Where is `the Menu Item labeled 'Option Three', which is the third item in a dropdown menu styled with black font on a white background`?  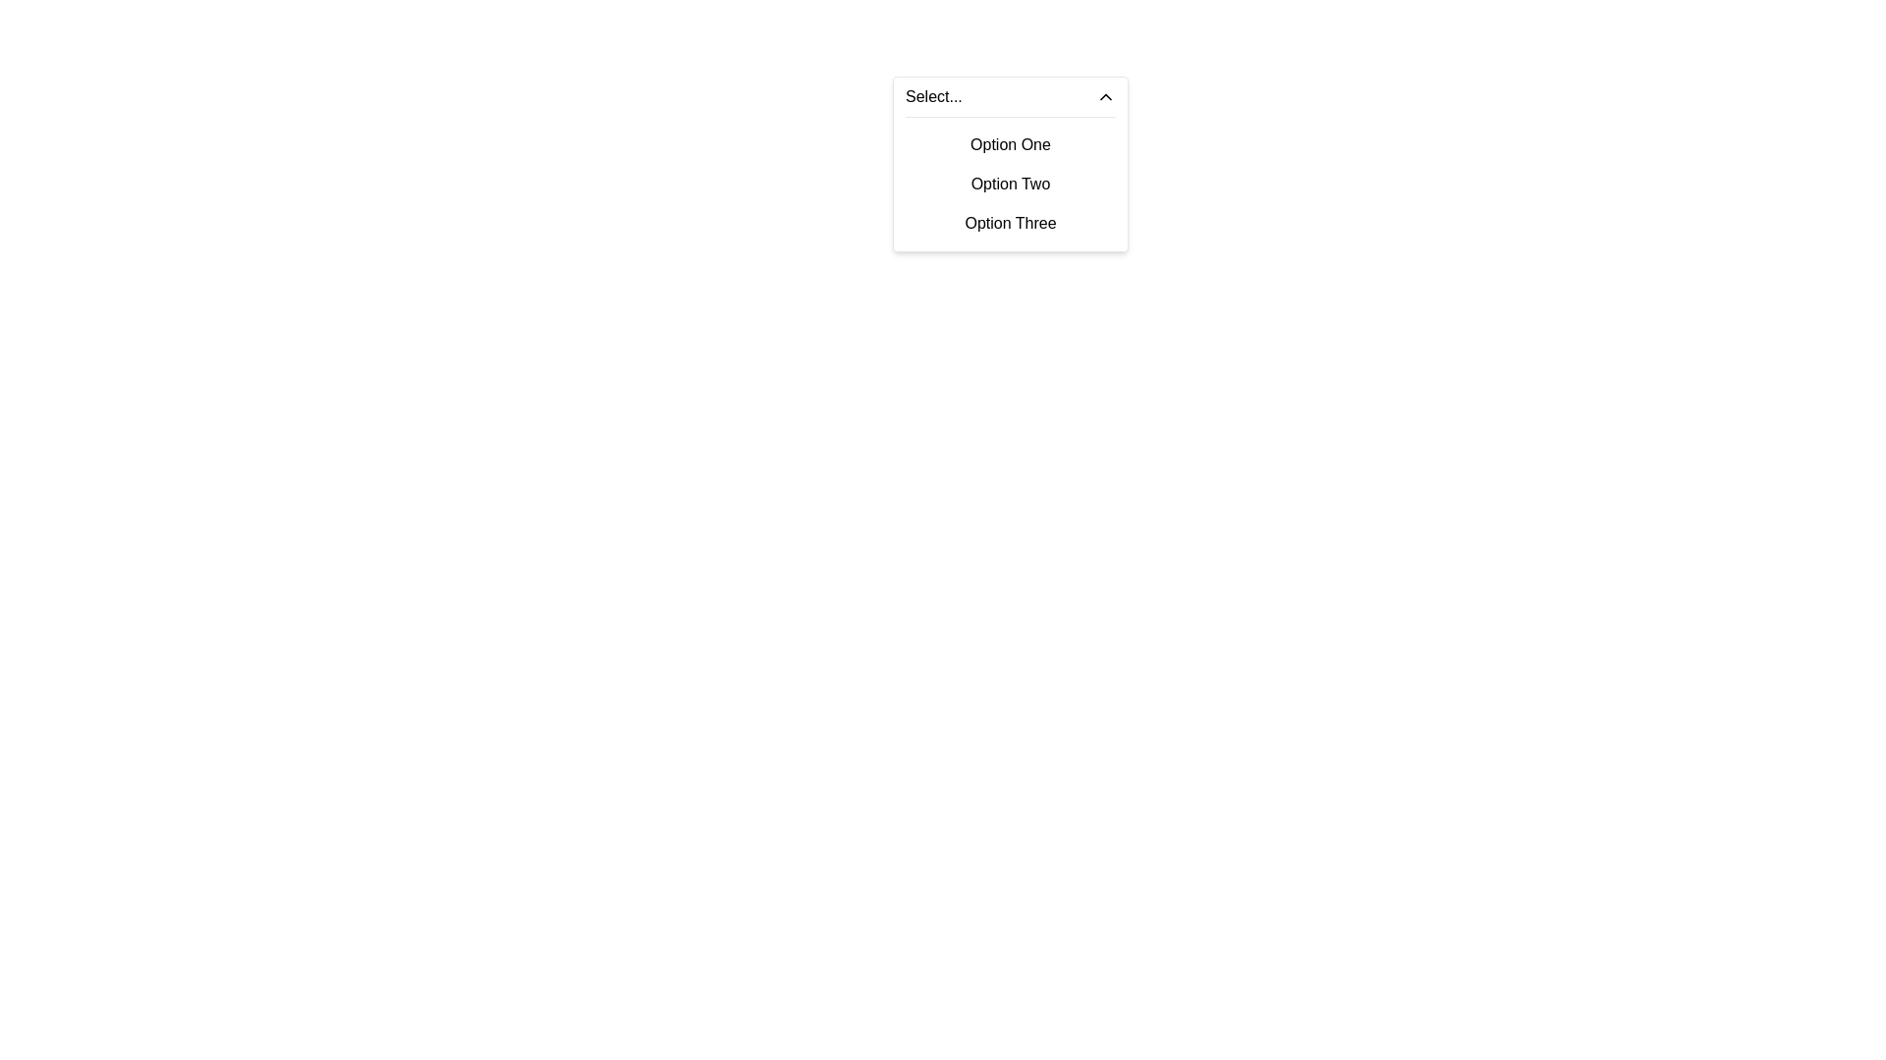 the Menu Item labeled 'Option Three', which is the third item in a dropdown menu styled with black font on a white background is located at coordinates (1010, 222).